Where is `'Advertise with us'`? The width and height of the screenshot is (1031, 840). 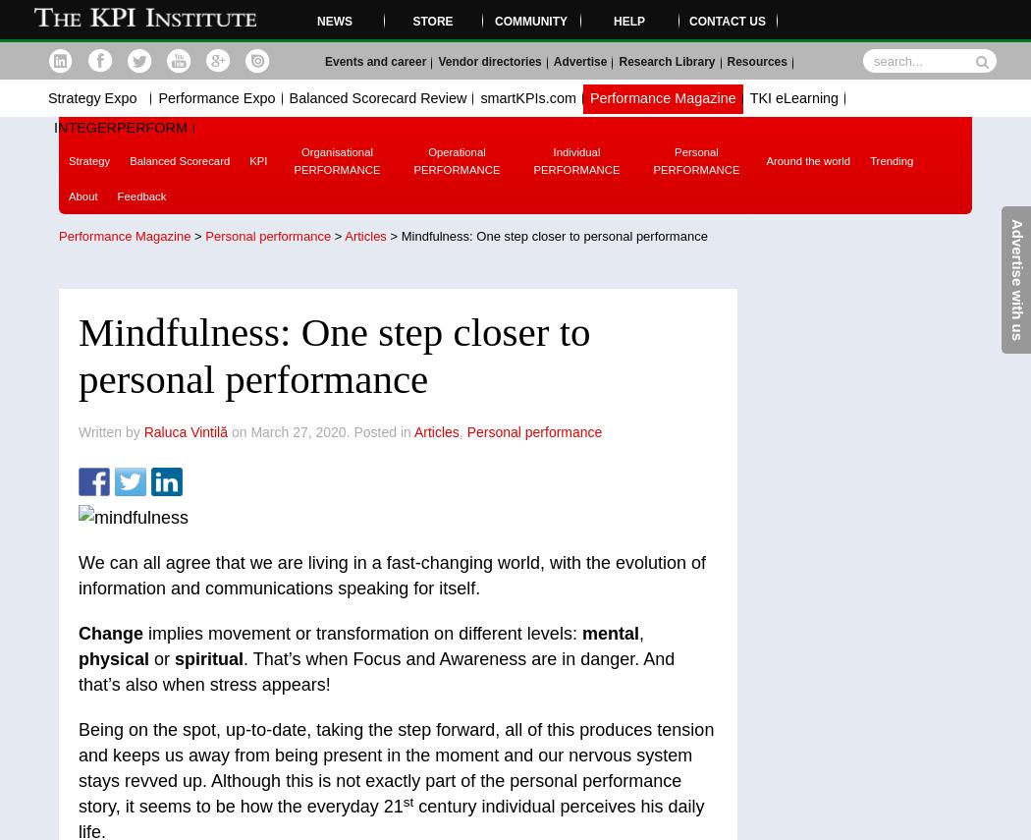 'Advertise with us' is located at coordinates (1007, 279).